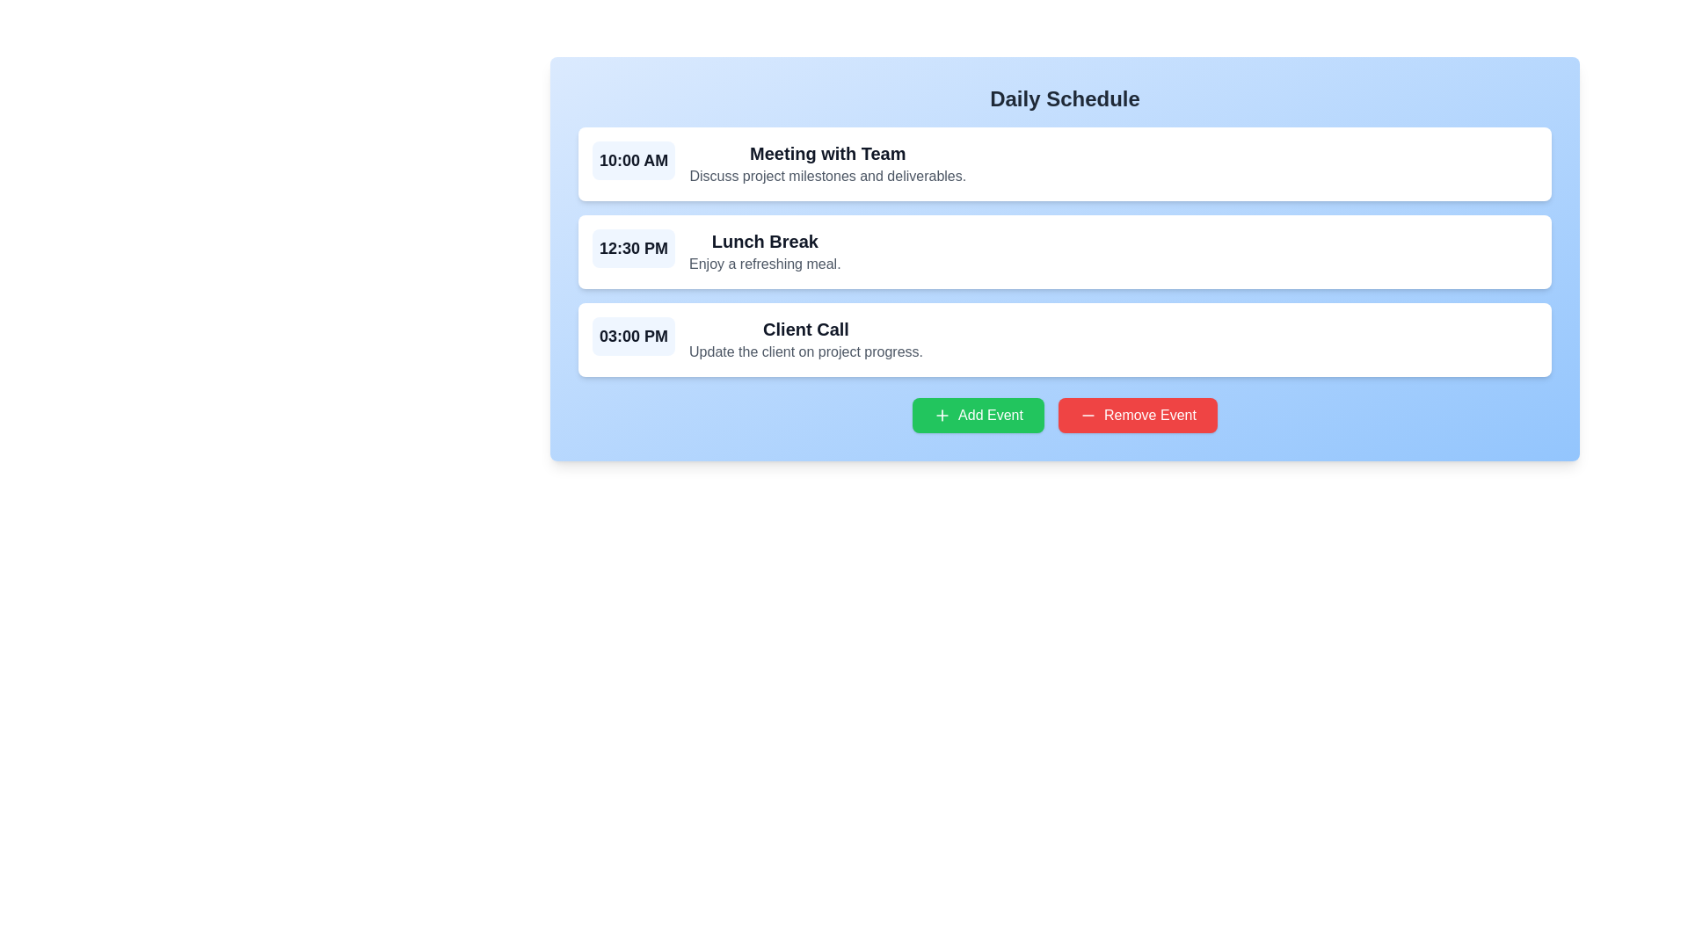 The height and width of the screenshot is (949, 1688). What do you see at coordinates (1064, 163) in the screenshot?
I see `and drop the List item element displaying 'Meeting with Team'` at bounding box center [1064, 163].